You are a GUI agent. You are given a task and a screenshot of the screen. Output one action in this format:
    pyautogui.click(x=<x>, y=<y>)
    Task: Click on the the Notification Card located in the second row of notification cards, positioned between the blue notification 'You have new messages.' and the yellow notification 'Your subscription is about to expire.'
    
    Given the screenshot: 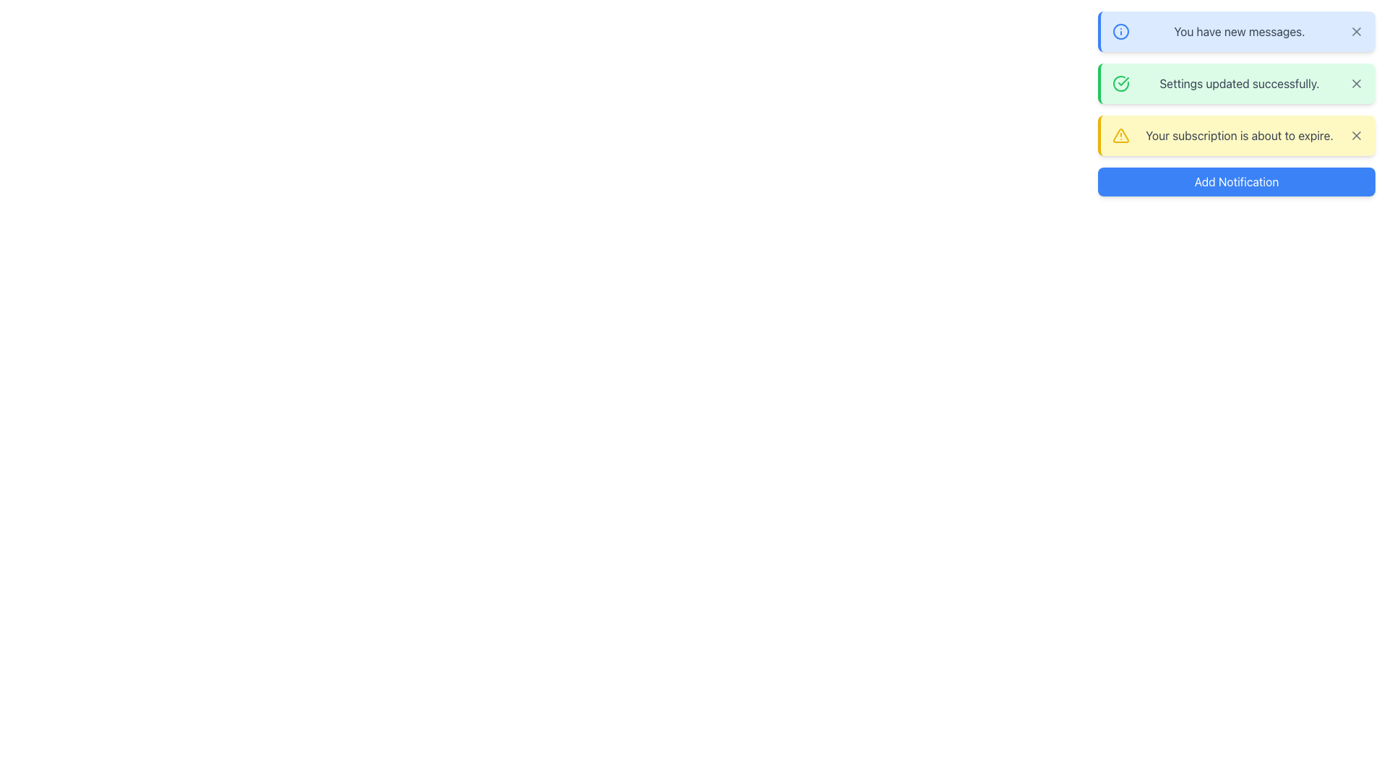 What is the action you would take?
    pyautogui.click(x=1236, y=103)
    